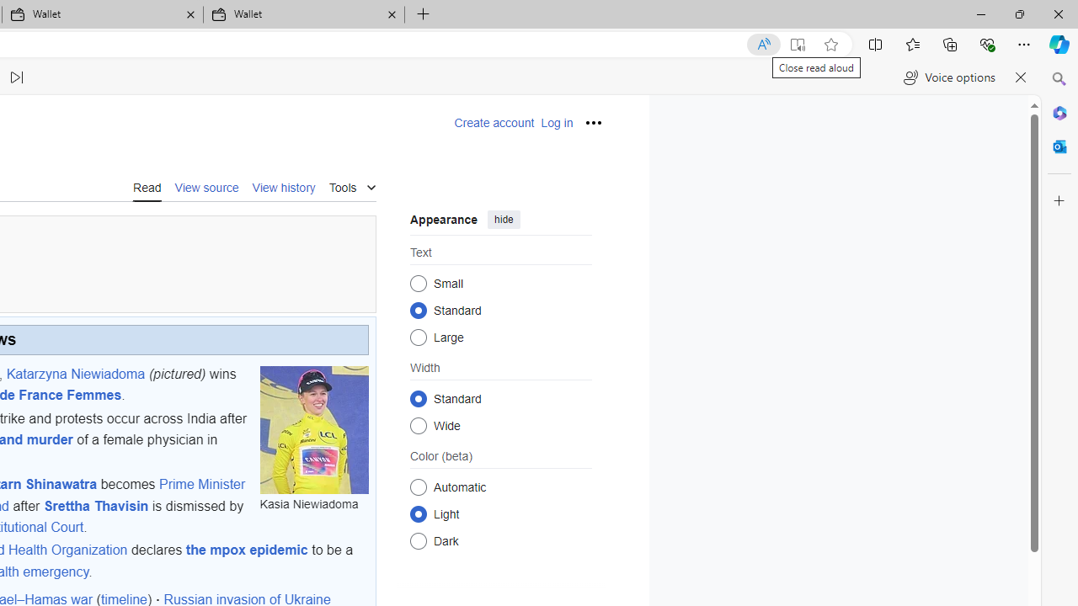  I want to click on 'View source', so click(205, 186).